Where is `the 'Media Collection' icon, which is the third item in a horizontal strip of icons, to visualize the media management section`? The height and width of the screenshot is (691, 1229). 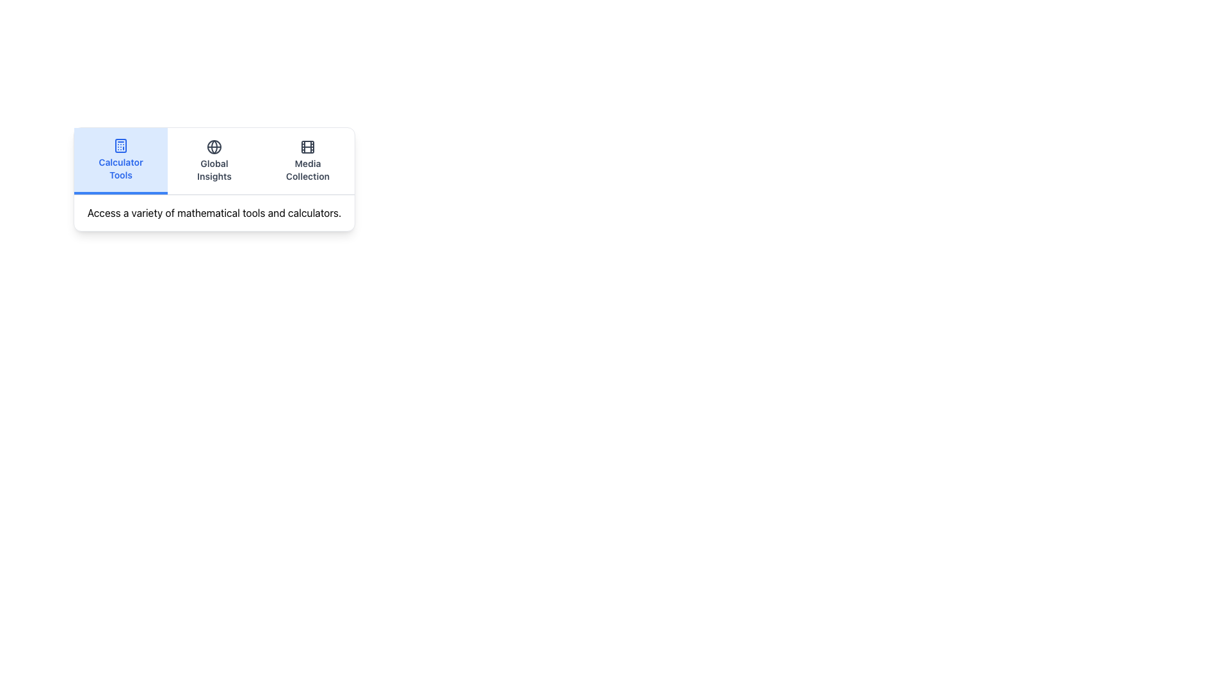 the 'Media Collection' icon, which is the third item in a horizontal strip of icons, to visualize the media management section is located at coordinates (307, 147).